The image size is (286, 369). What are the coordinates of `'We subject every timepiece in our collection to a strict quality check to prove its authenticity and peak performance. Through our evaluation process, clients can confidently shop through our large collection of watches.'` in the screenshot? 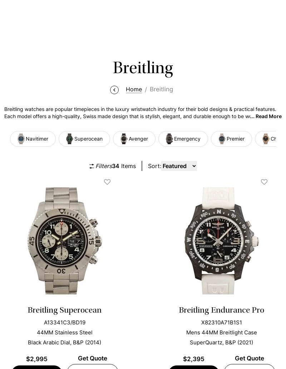 It's located at (138, 344).